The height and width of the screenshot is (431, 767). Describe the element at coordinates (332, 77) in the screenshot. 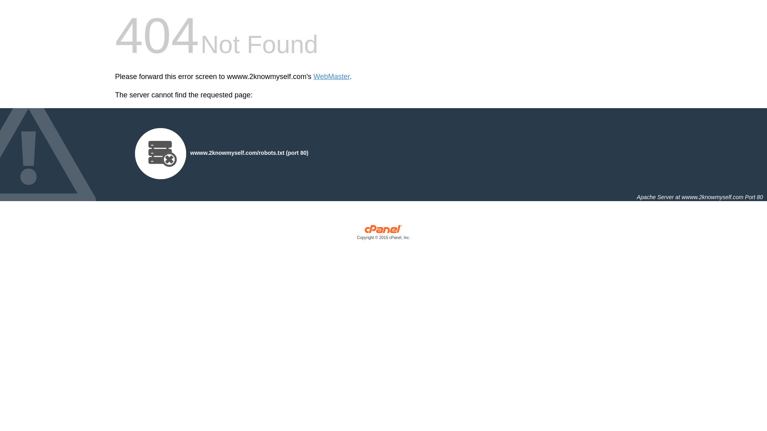

I see `'WebMaster'` at that location.